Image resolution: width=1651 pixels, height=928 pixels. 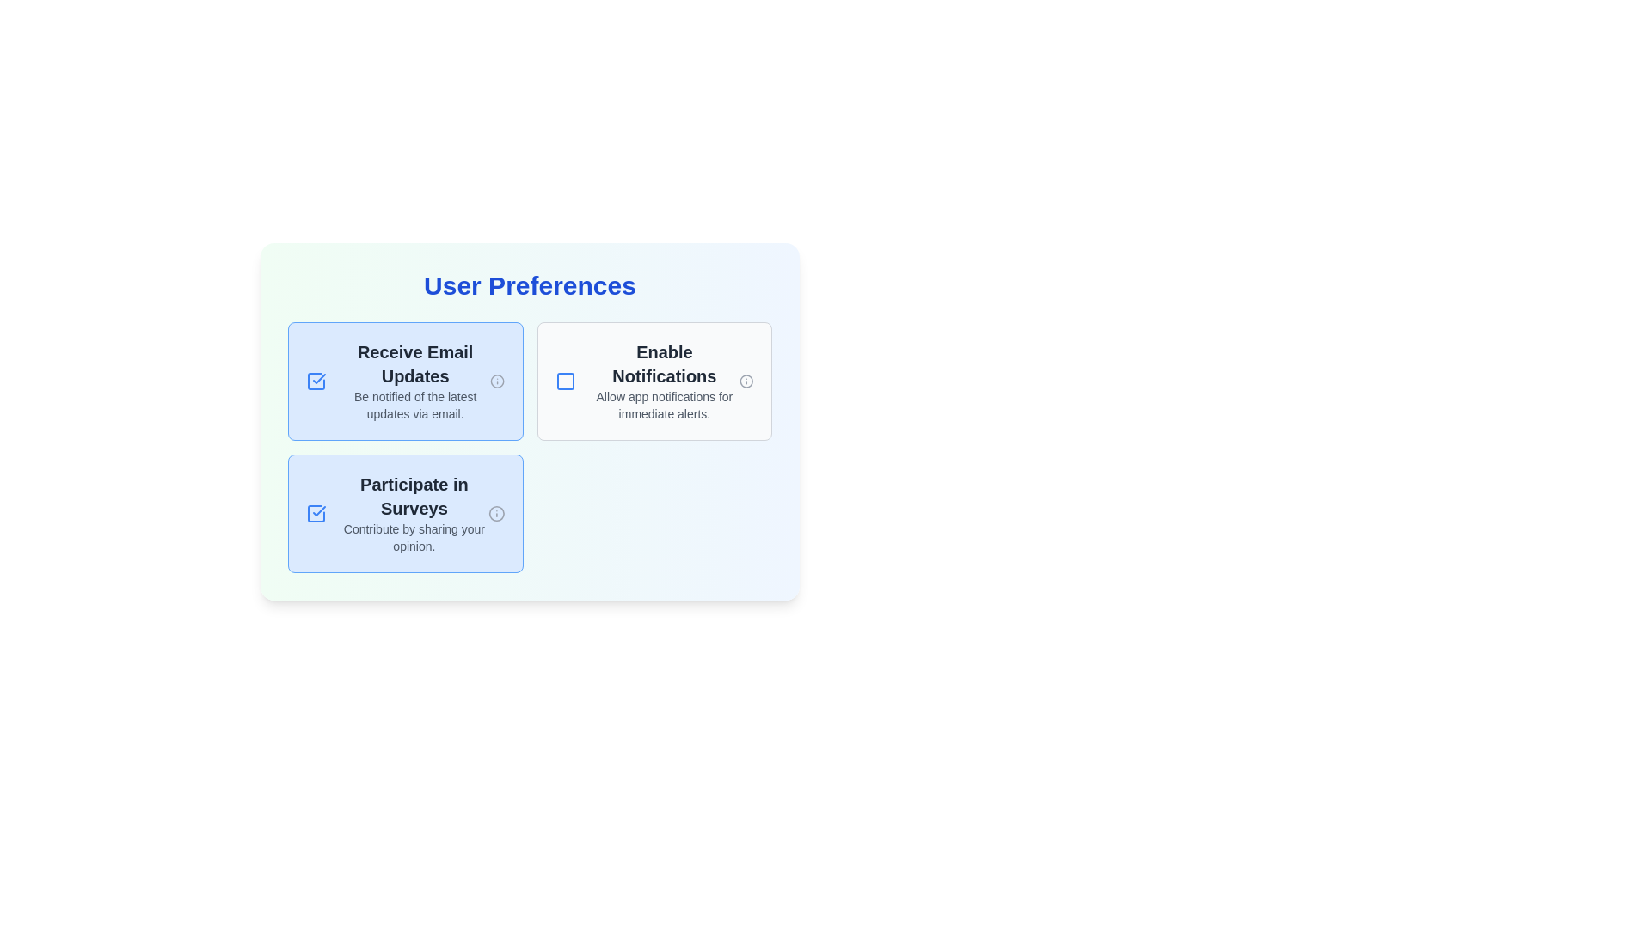 I want to click on the checkbox for 'Participate in Surveys' located, so click(x=316, y=512).